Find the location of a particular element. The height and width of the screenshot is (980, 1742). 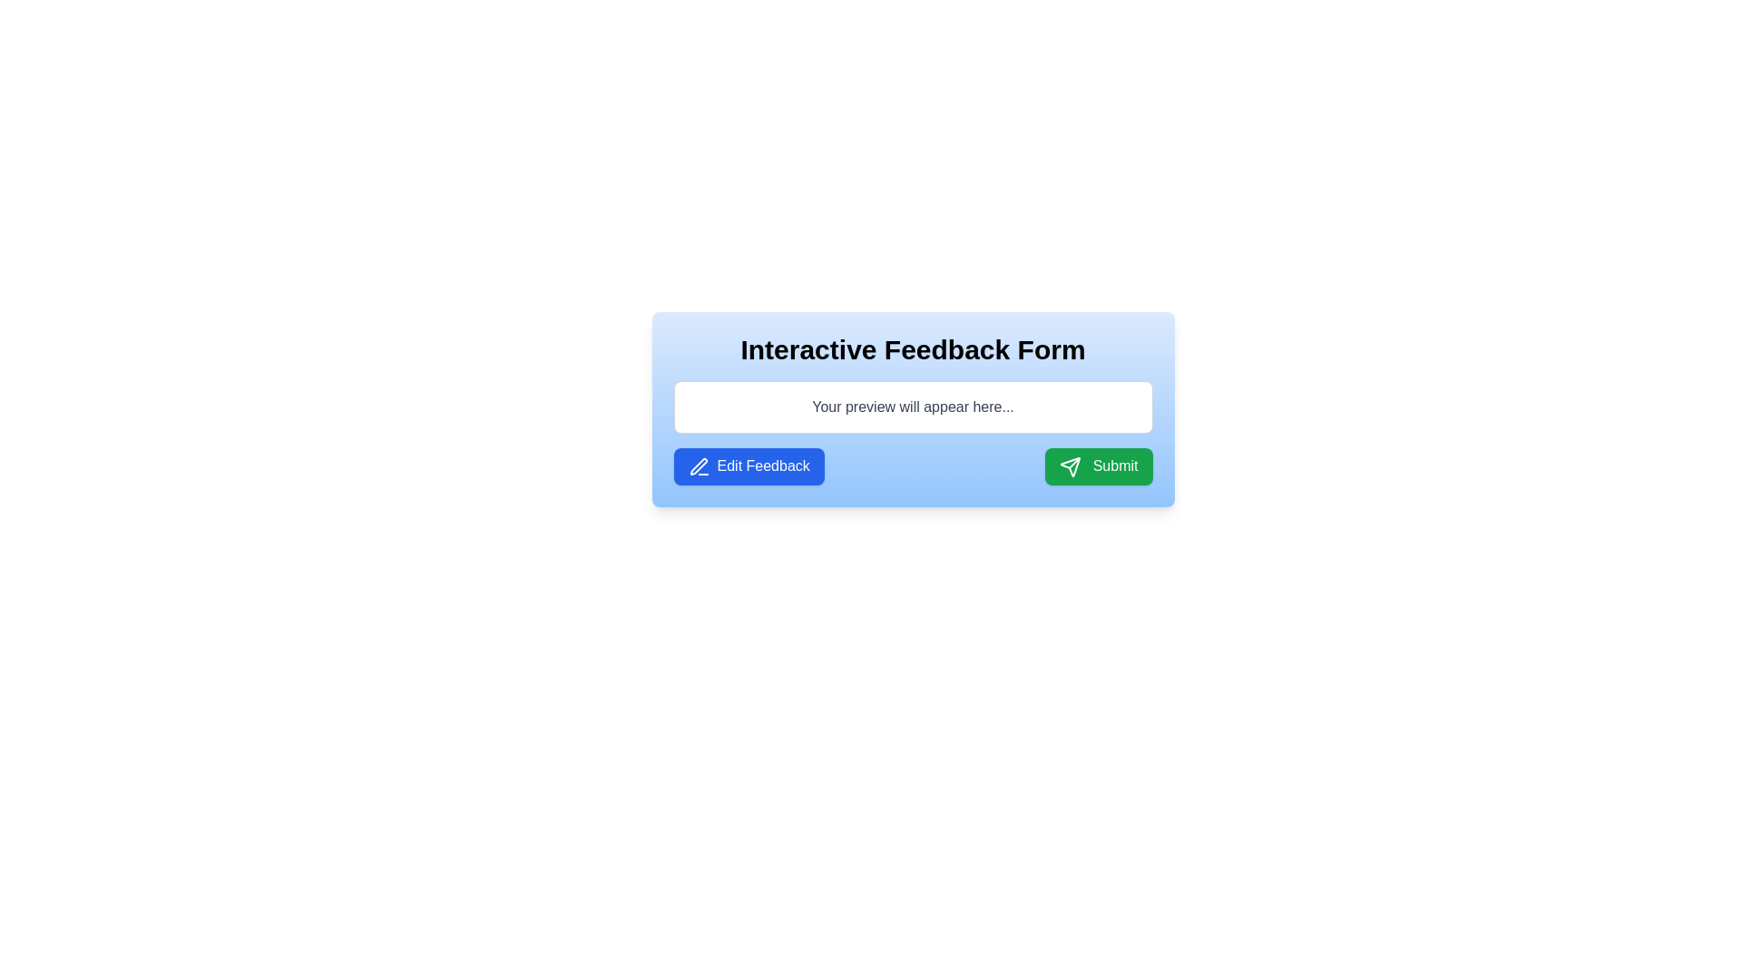

the interactive buttons in the horizontal section at the bottom of the feedback form, which includes 'Edit Feedback' and 'Submit' buttons, to trigger visual feedback is located at coordinates (913, 465).